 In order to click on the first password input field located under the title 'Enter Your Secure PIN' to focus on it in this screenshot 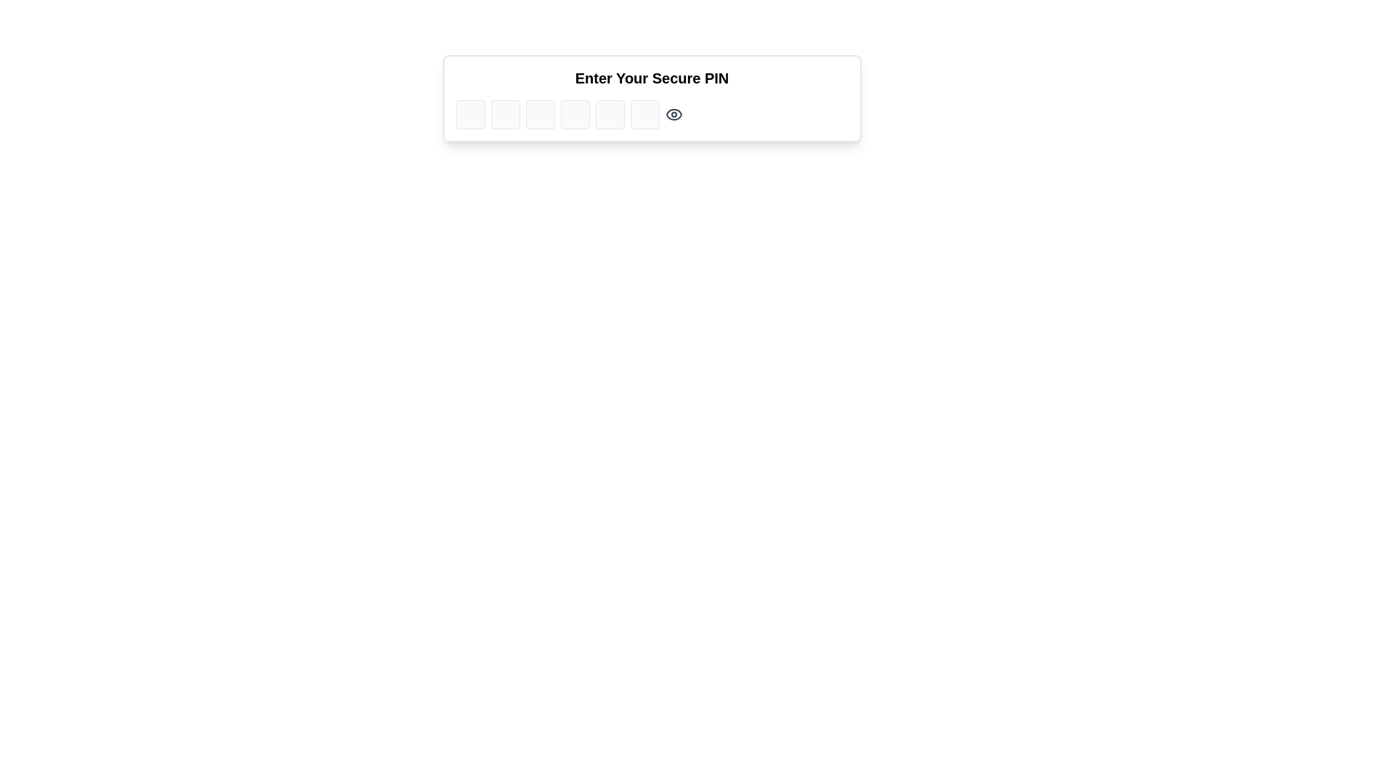, I will do `click(470, 114)`.